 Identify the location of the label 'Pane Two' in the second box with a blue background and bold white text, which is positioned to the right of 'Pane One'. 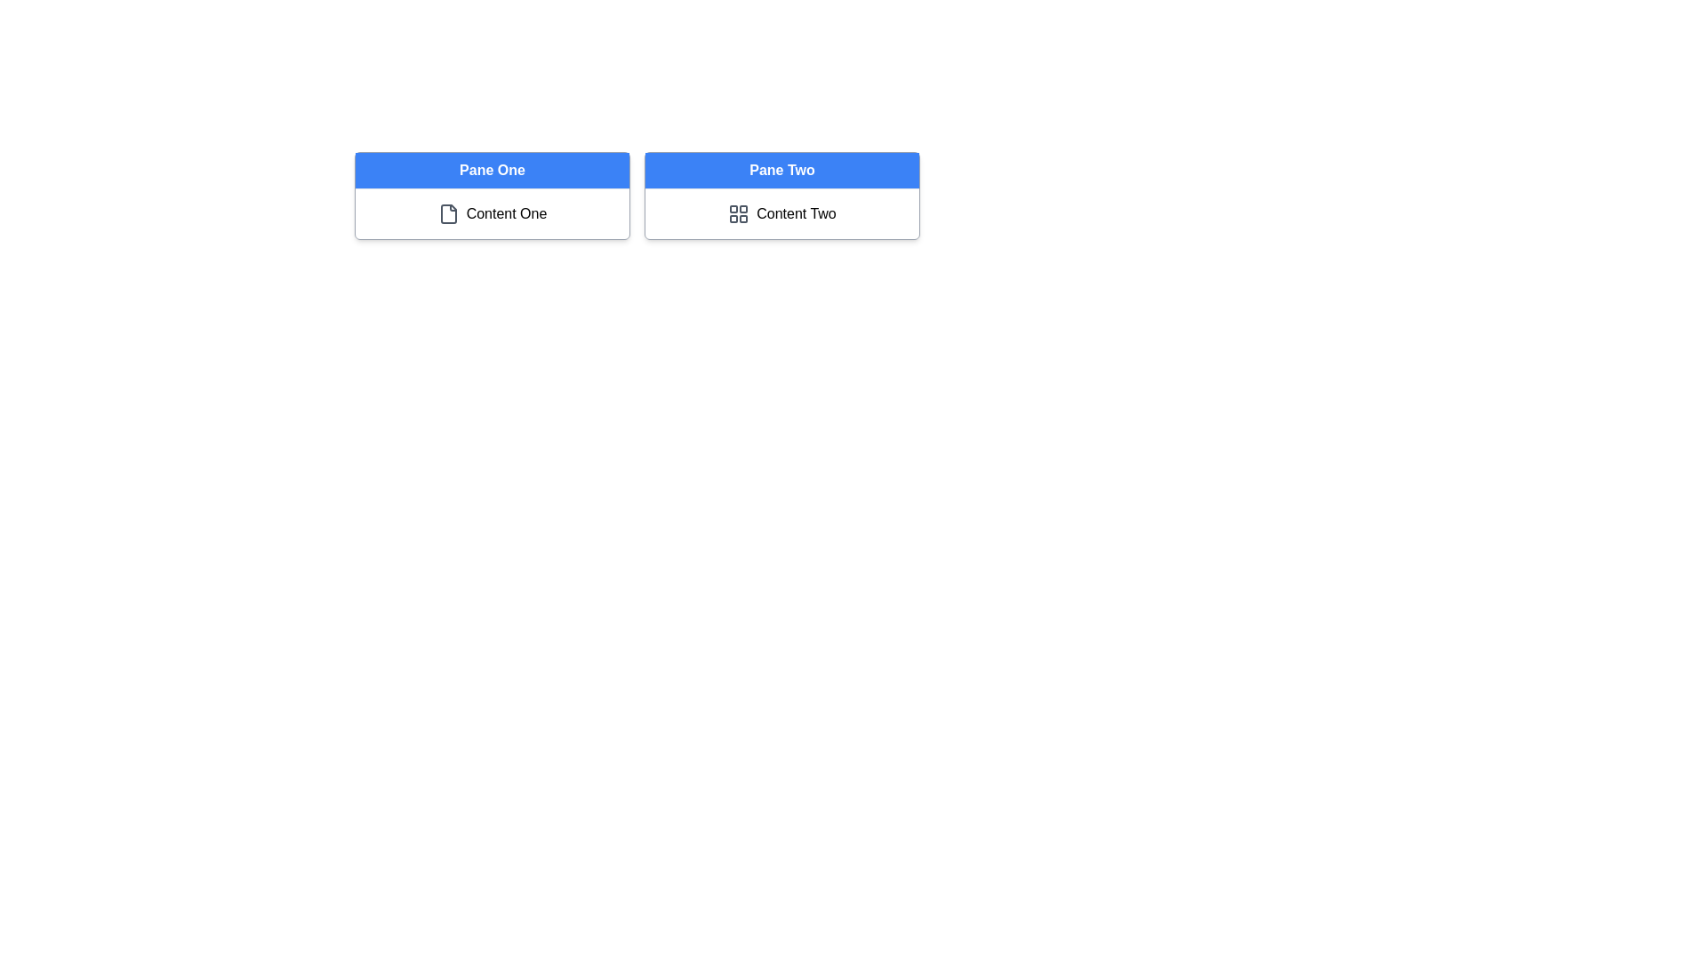
(781, 196).